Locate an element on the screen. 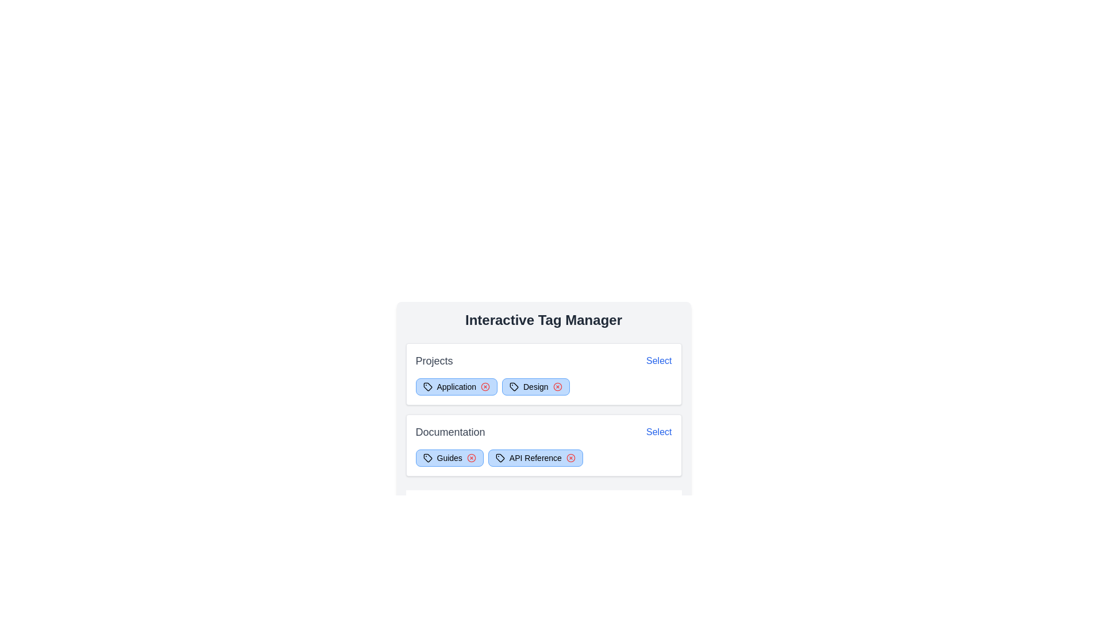 The width and height of the screenshot is (1103, 620). the 'Application' tag badge, which is the first badge in the 'Projects' section of the 'Interactive Tag Manager' interface is located at coordinates (456, 387).